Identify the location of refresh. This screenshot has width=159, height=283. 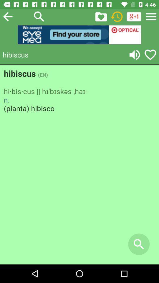
(117, 16).